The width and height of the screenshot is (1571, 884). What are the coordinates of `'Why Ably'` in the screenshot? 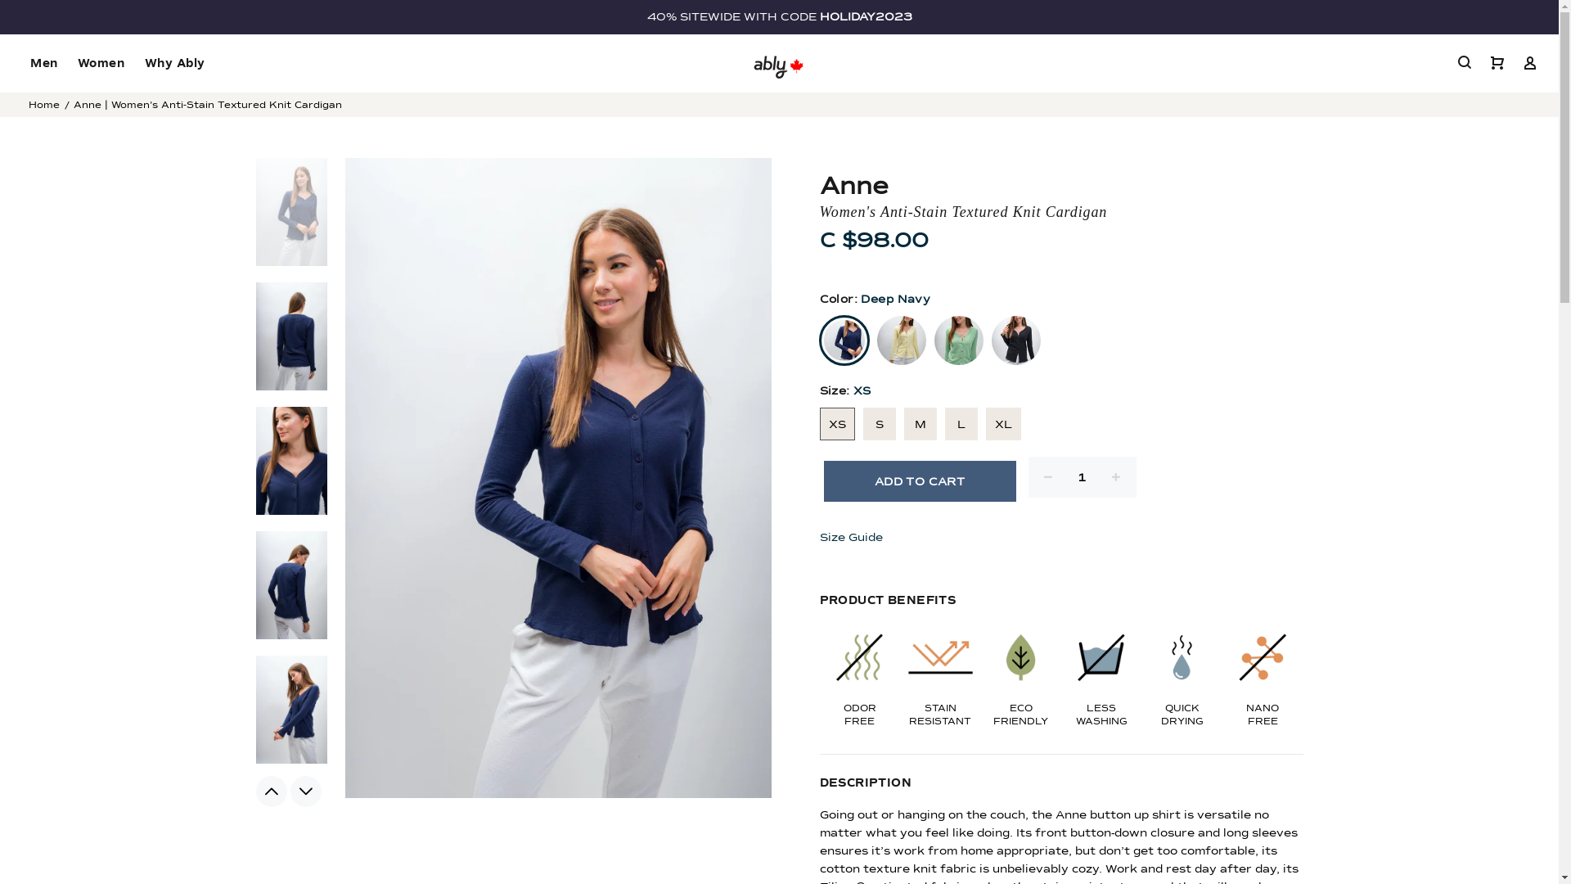 It's located at (169, 62).